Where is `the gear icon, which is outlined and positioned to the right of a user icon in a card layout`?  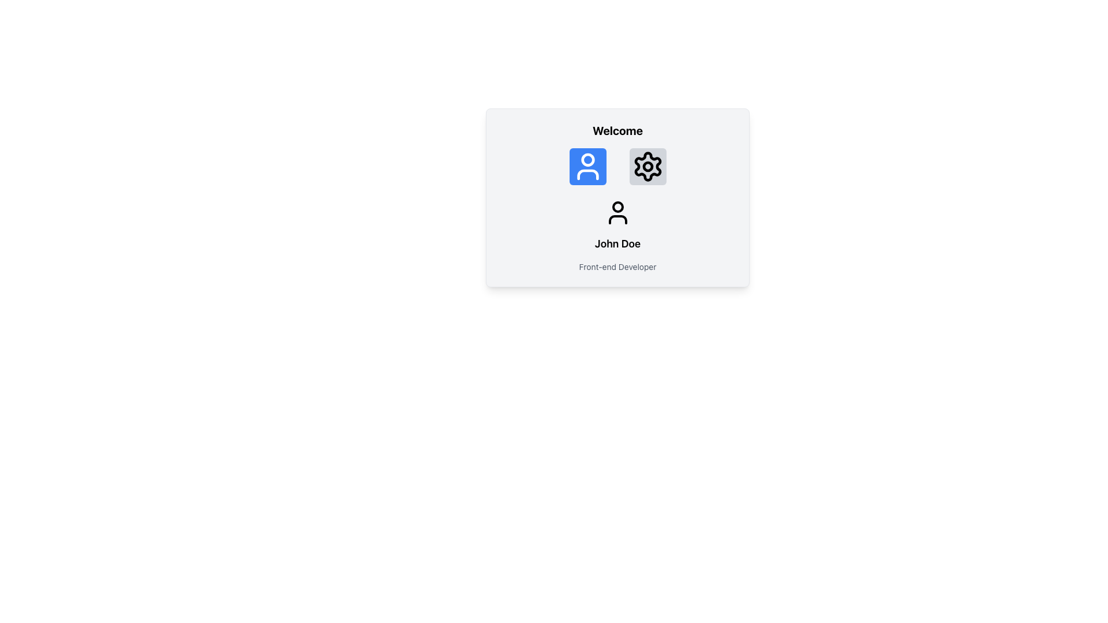
the gear icon, which is outlined and positioned to the right of a user icon in a card layout is located at coordinates (647, 167).